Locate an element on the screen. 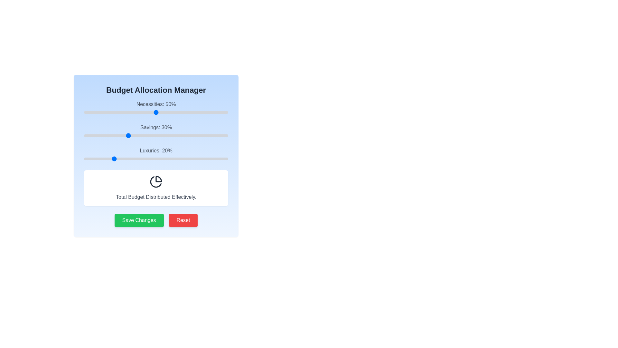 The image size is (618, 348). luxuries percentage is located at coordinates (183, 159).